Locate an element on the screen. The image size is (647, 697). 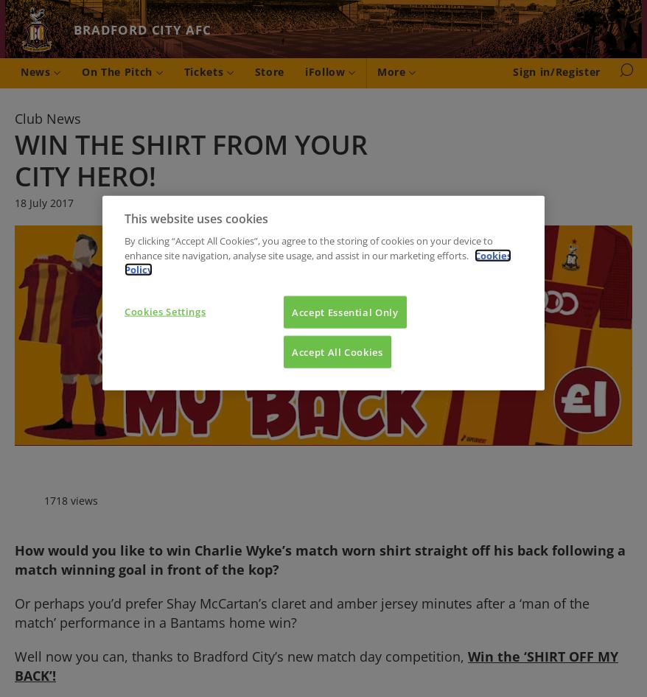
'Or perhaps you’d prefer Shay McCartan’s claret and amber jersey minutes after a ‘man of the match’ performance in a Bantams home win?' is located at coordinates (14, 613).